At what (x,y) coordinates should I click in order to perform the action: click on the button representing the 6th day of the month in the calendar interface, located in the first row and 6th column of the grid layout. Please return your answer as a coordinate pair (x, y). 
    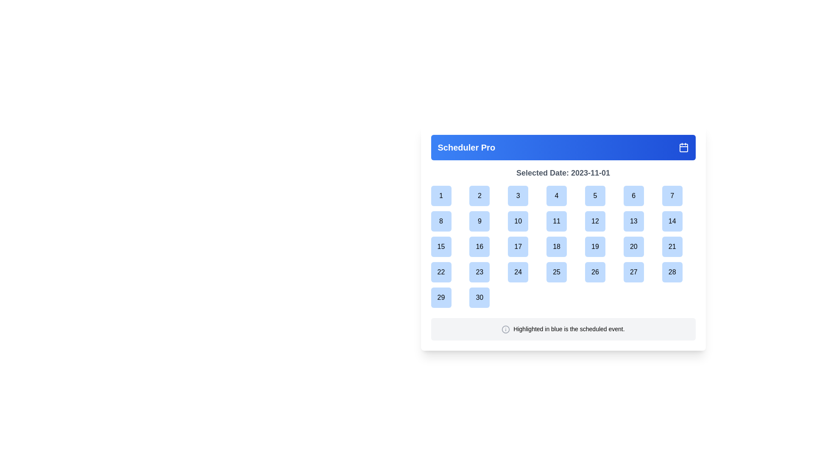
    Looking at the image, I should click on (640, 196).